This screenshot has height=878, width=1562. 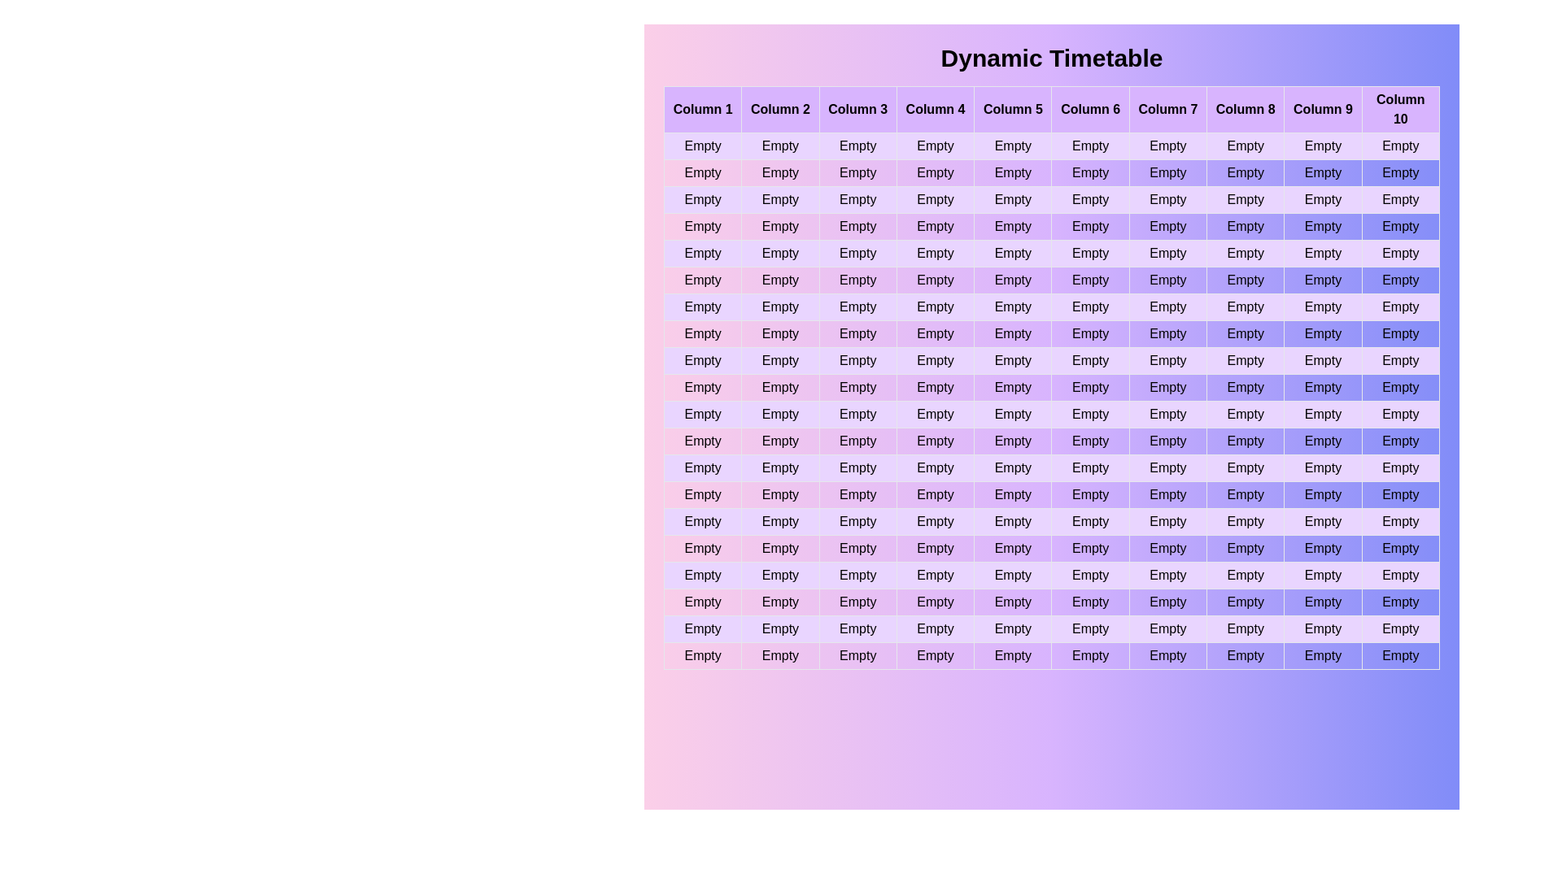 What do you see at coordinates (703, 110) in the screenshot?
I see `the cell in the timetable to open the context menu` at bounding box center [703, 110].